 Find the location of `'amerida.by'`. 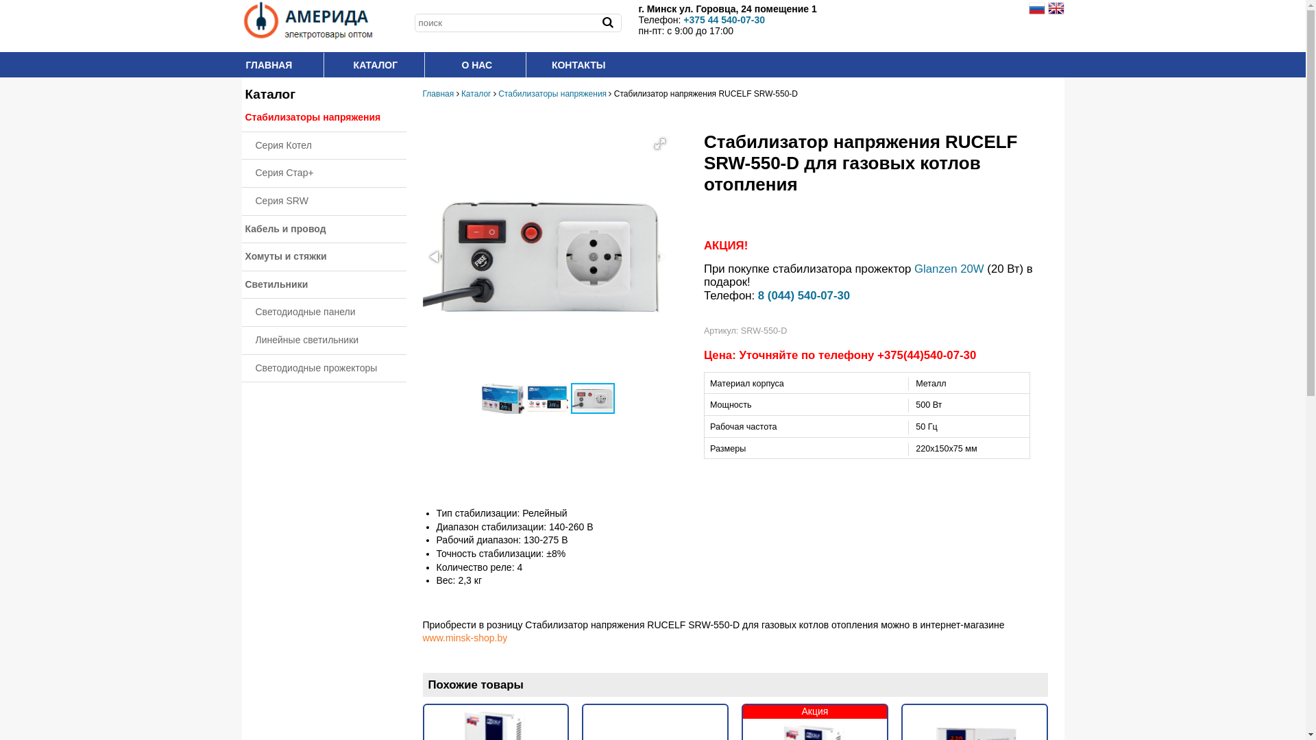

'amerida.by' is located at coordinates (322, 21).